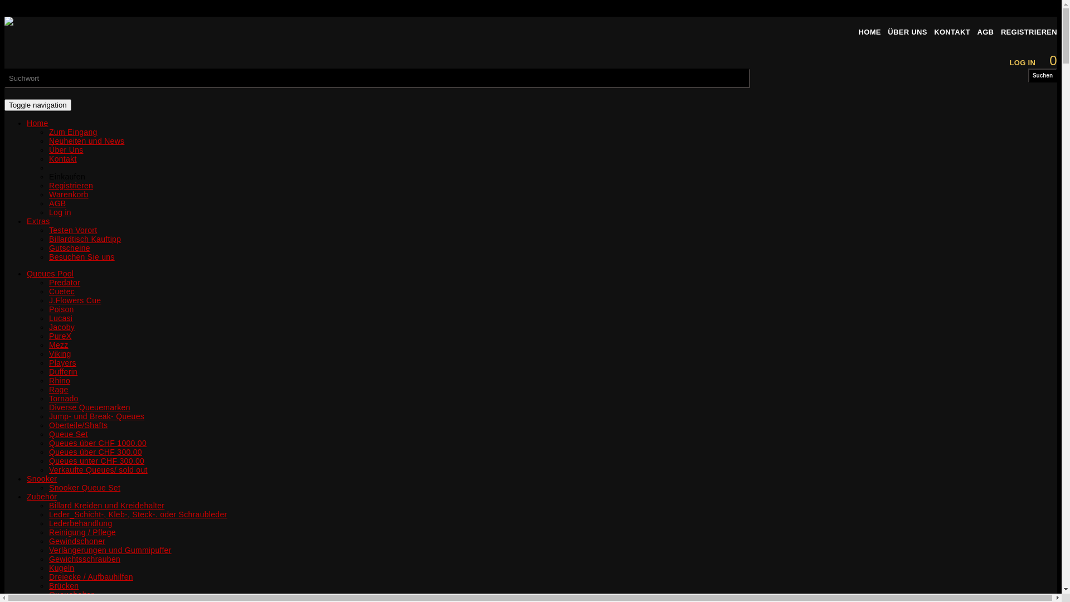 The height and width of the screenshot is (602, 1070). Describe the element at coordinates (72, 131) in the screenshot. I see `'Zum Eingang'` at that location.